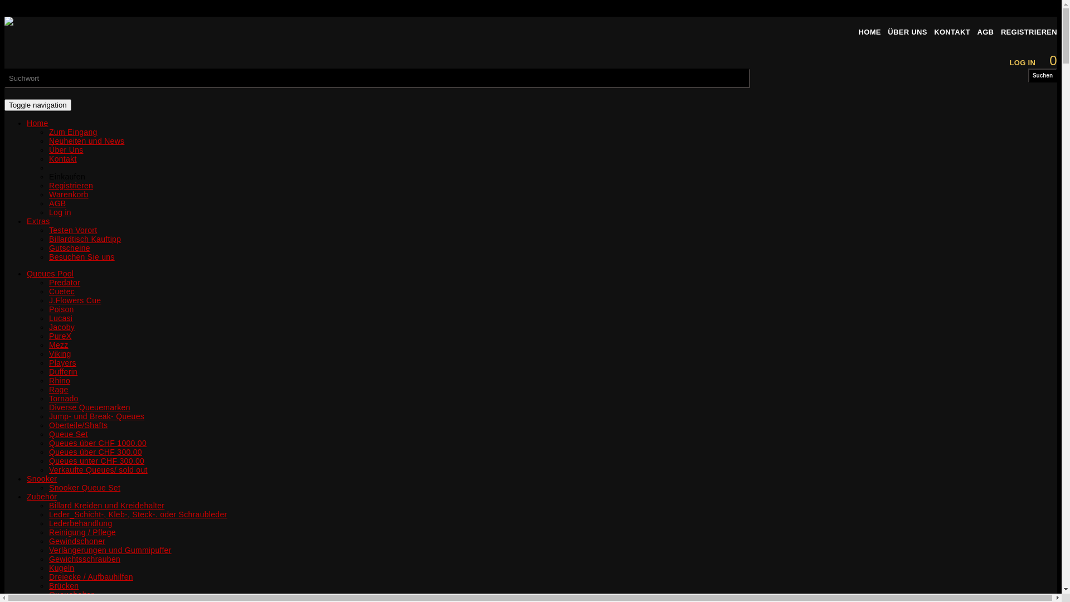 The height and width of the screenshot is (602, 1070). Describe the element at coordinates (72, 131) in the screenshot. I see `'Zum Eingang'` at that location.